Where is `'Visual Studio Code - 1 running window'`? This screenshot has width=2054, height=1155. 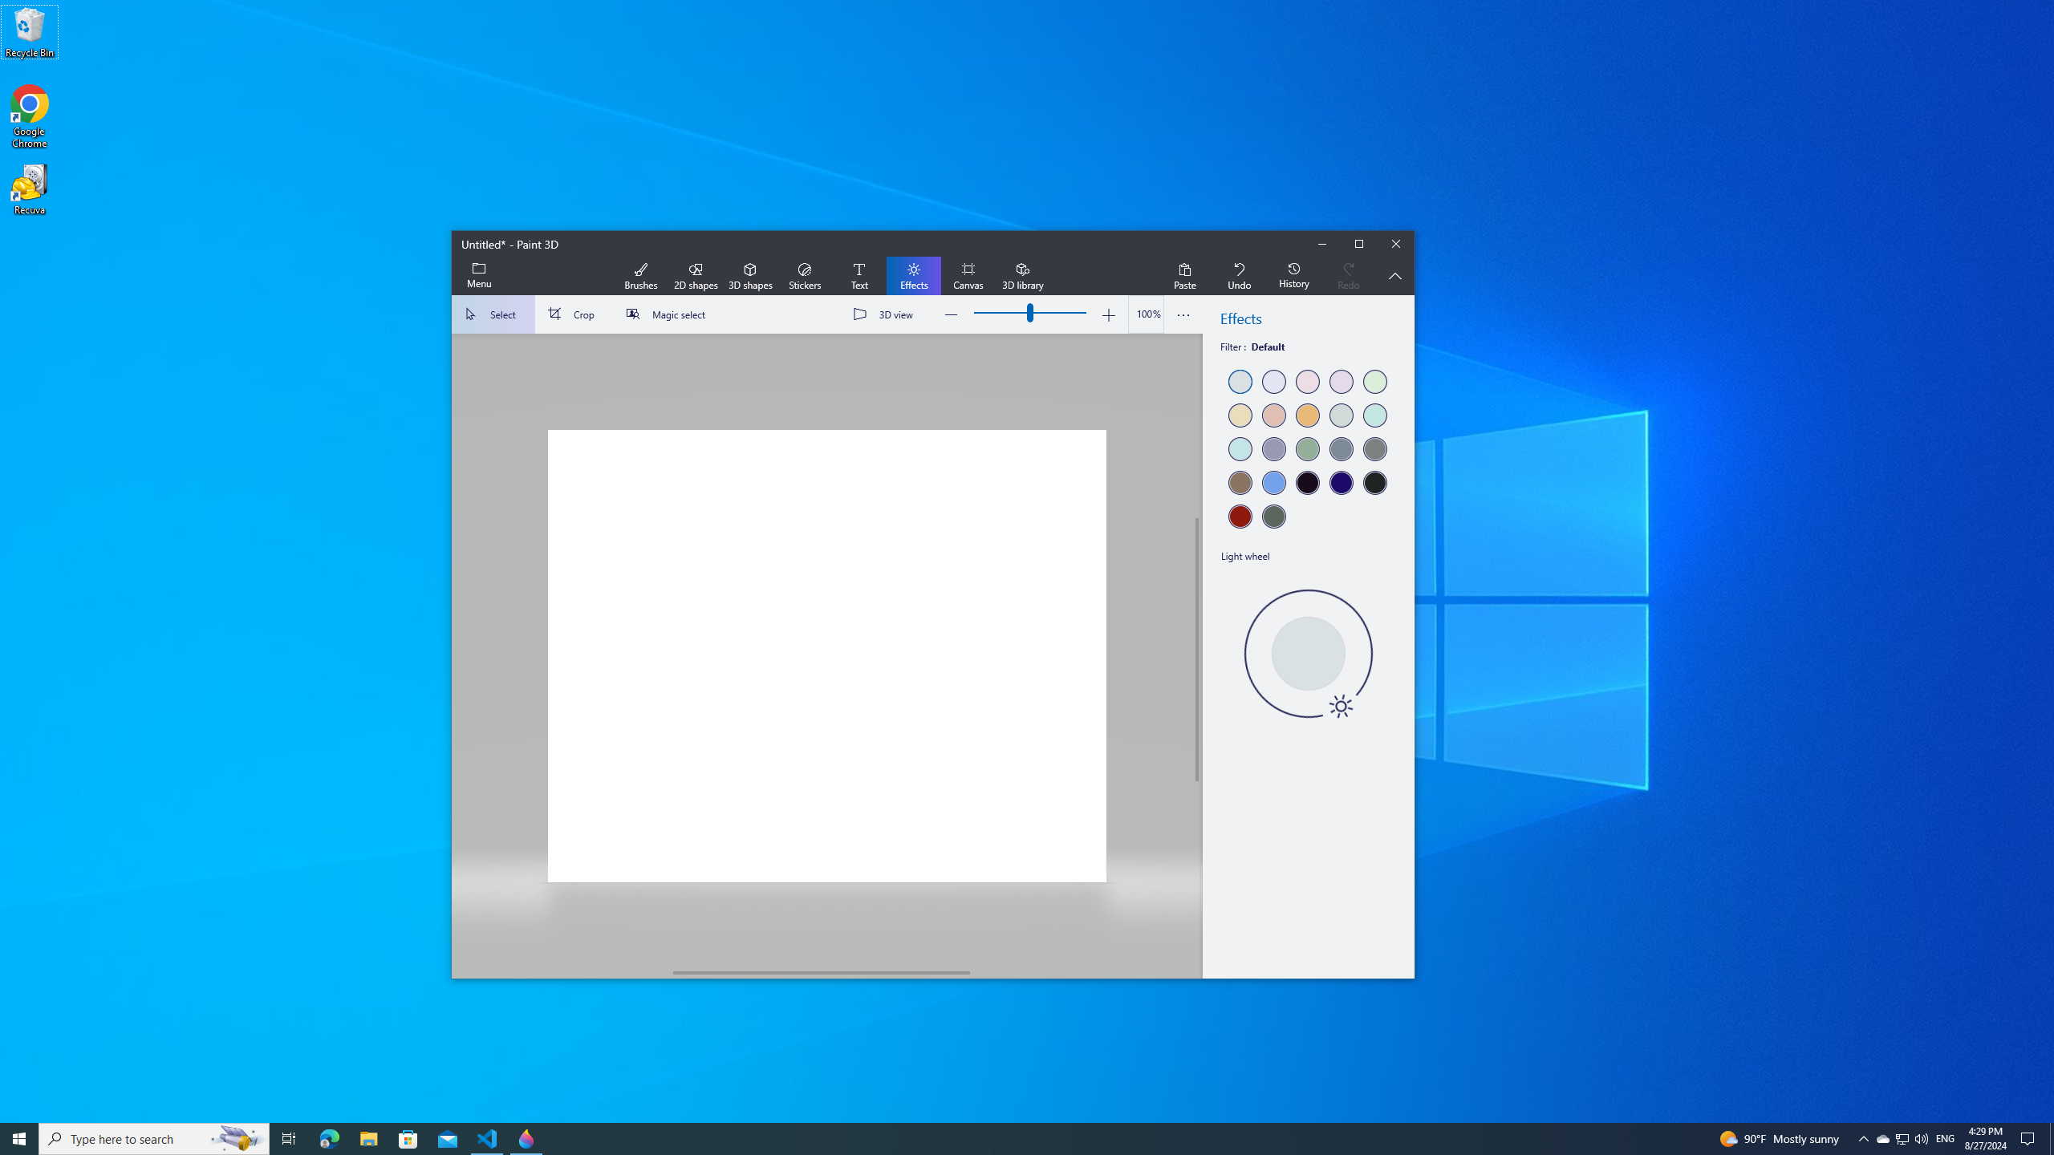 'Visual Studio Code - 1 running window' is located at coordinates (487, 1137).